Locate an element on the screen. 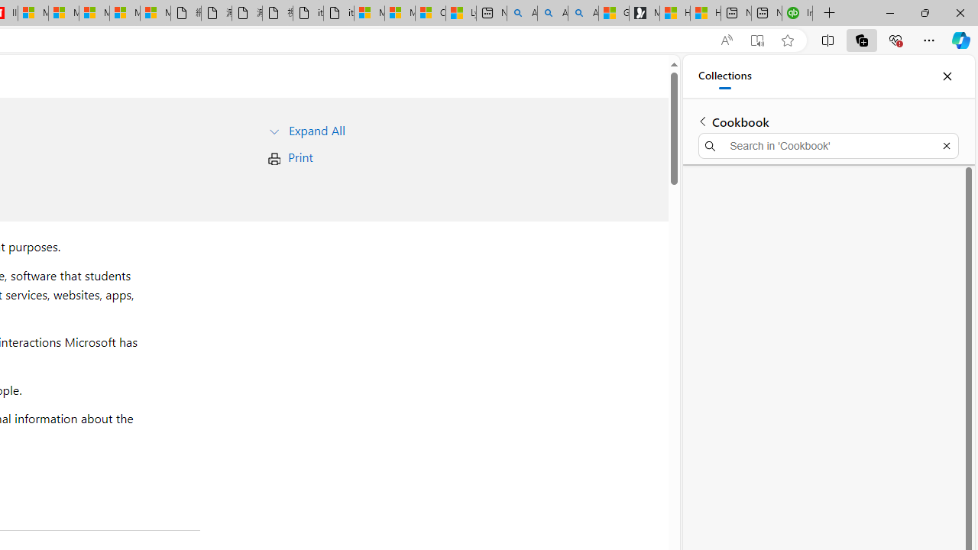 This screenshot has height=550, width=978. 'Intuit QuickBooks Online - Quickbooks' is located at coordinates (796, 13).